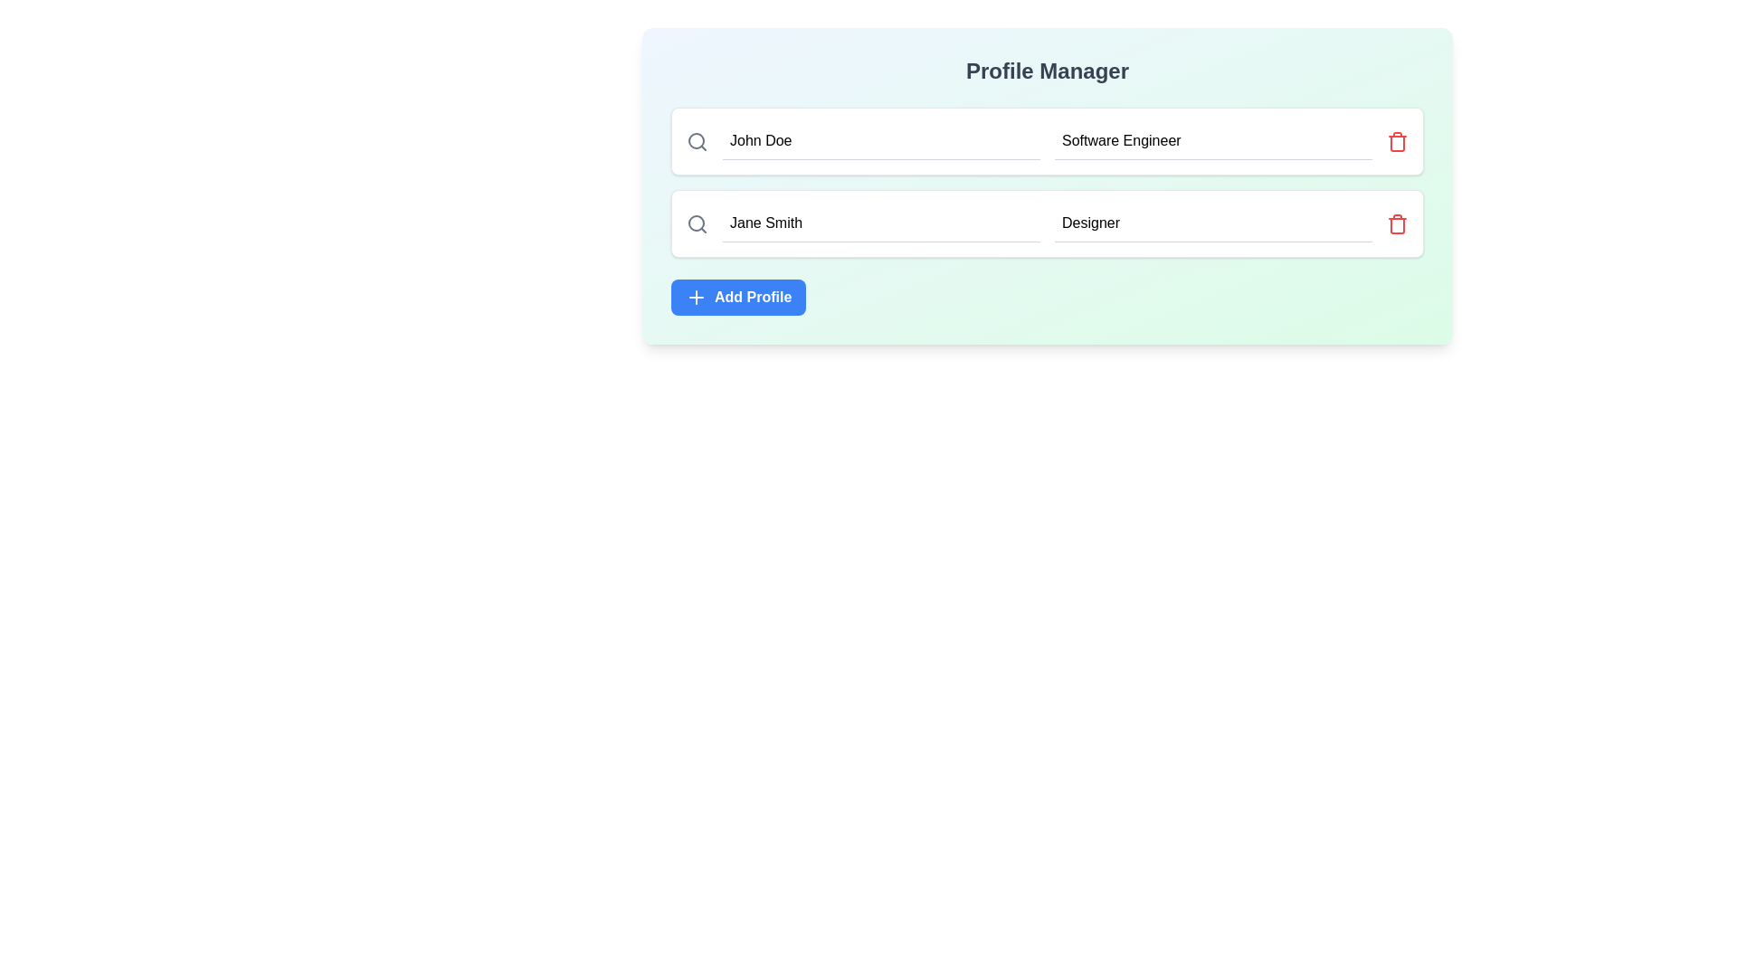 The image size is (1737, 977). I want to click on the second text input field for entering or editing the occupation or job title, which is located between the 'Name' field and a red trash icon, so click(1213, 140).